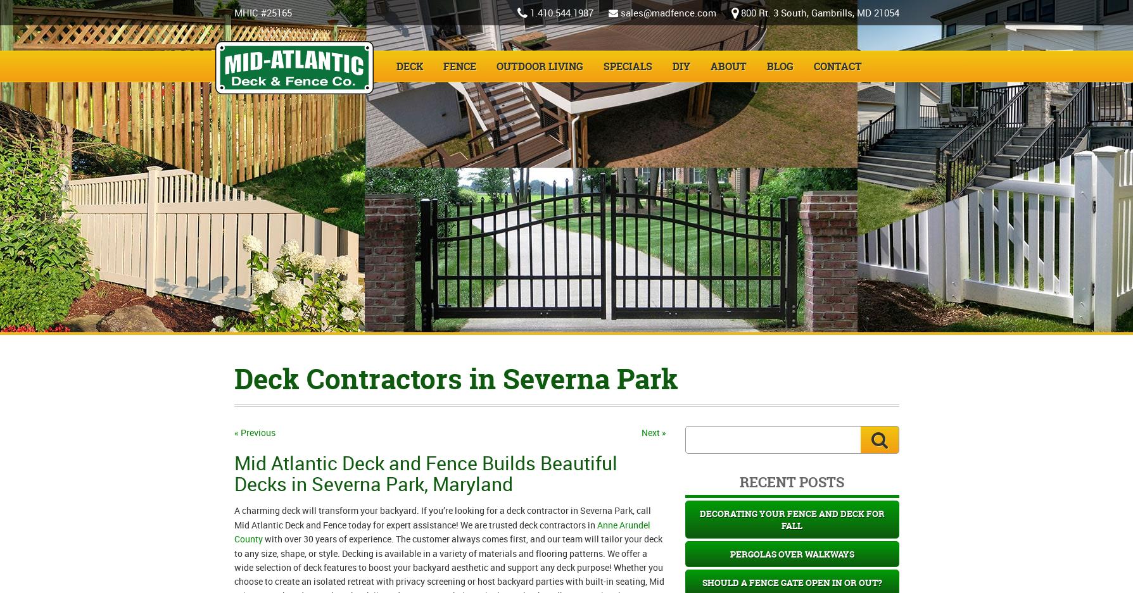  I want to click on 'About', so click(727, 66).